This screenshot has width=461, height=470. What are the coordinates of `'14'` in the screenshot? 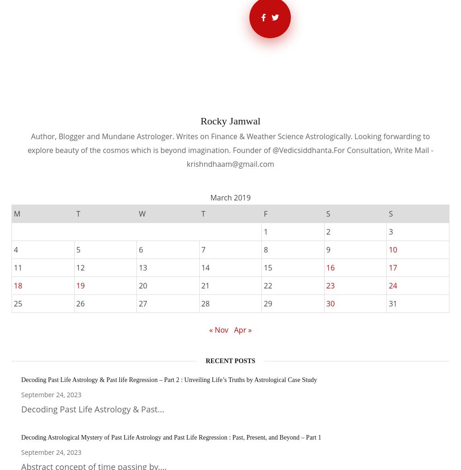 It's located at (205, 267).